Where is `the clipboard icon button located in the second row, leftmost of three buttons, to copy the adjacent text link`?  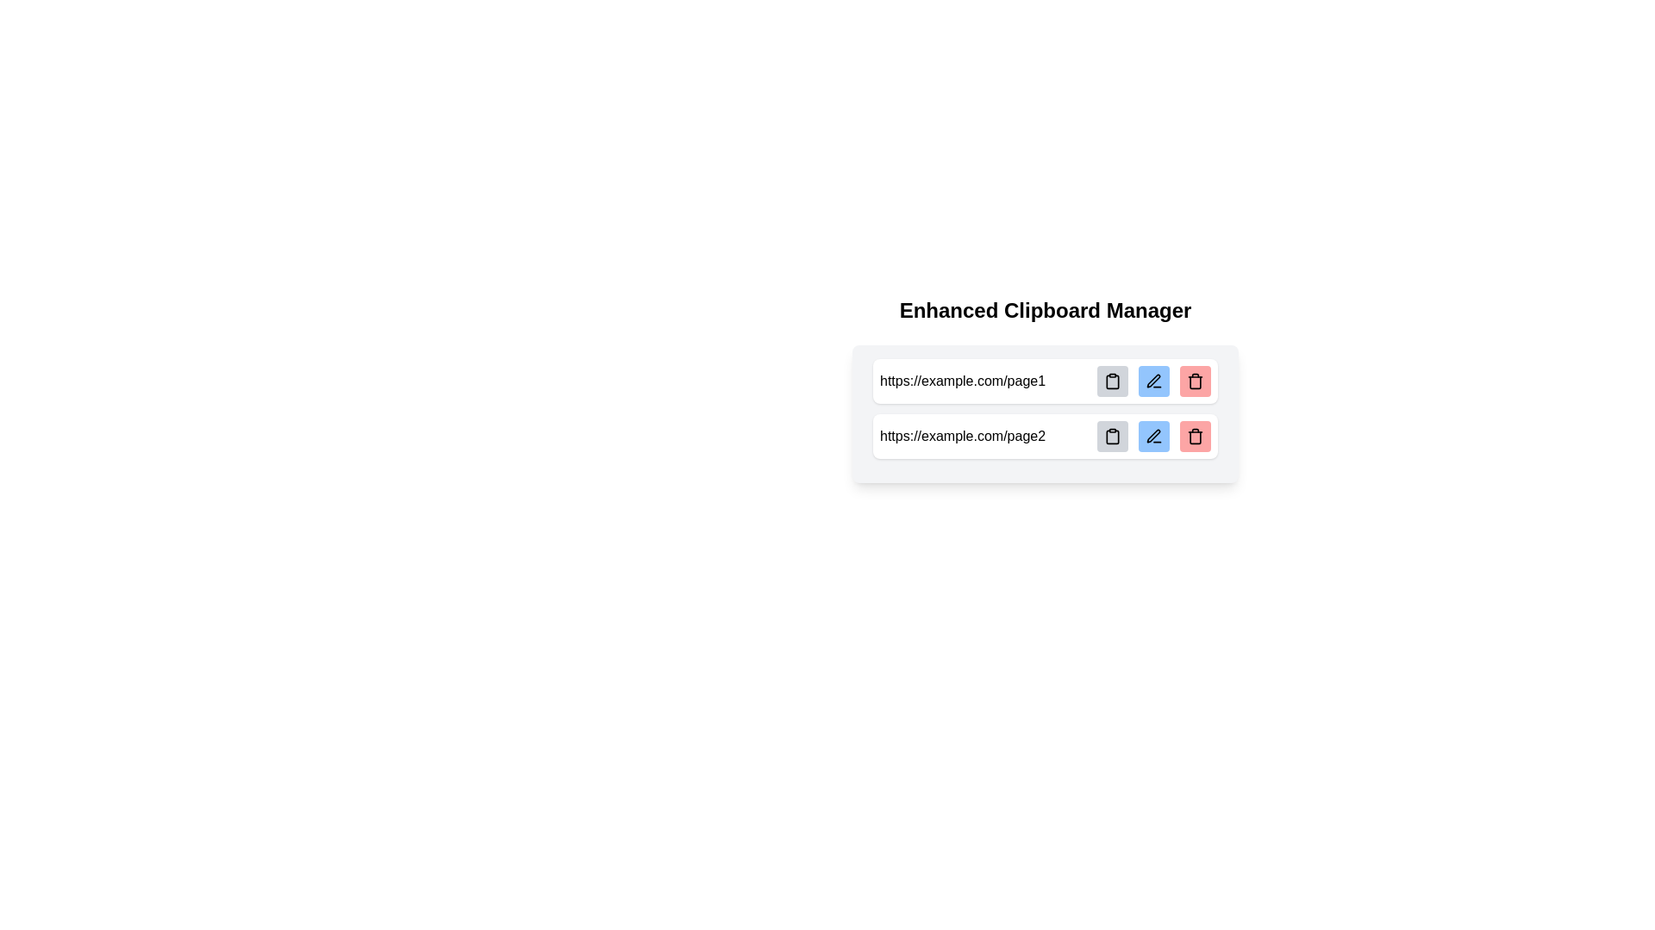
the clipboard icon button located in the second row, leftmost of three buttons, to copy the adjacent text link is located at coordinates (1113, 435).